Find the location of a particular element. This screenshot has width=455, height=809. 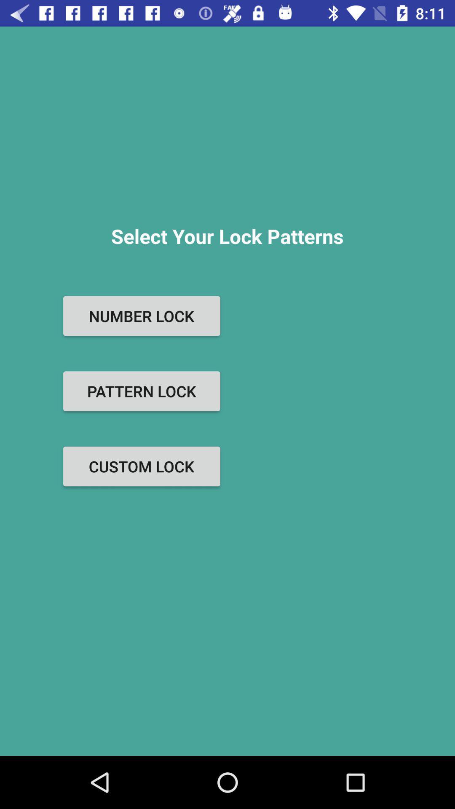

pattern lock icon is located at coordinates (141, 391).